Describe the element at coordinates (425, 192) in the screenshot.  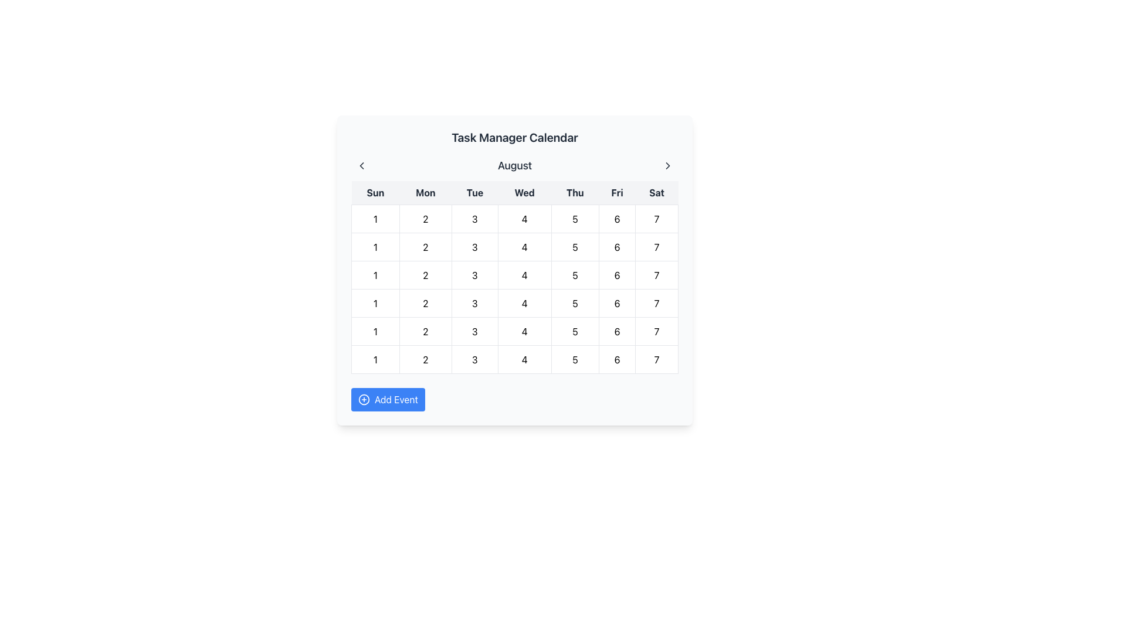
I see `the text label displaying 'Mon' in bold and dark gray, which is centered in a light gray box and represents Monday in the calendar header` at that location.